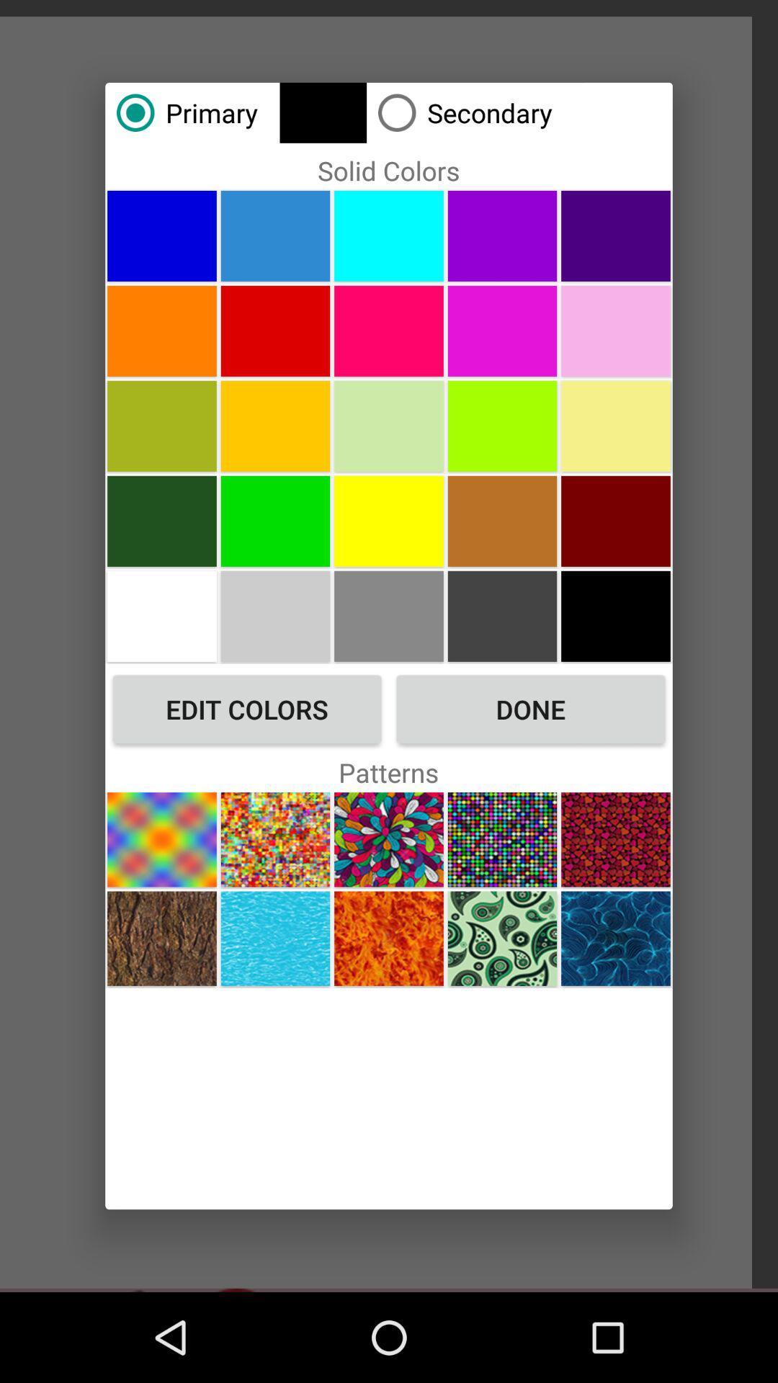 This screenshot has height=1383, width=778. Describe the element at coordinates (161, 425) in the screenshot. I see `pale green color` at that location.